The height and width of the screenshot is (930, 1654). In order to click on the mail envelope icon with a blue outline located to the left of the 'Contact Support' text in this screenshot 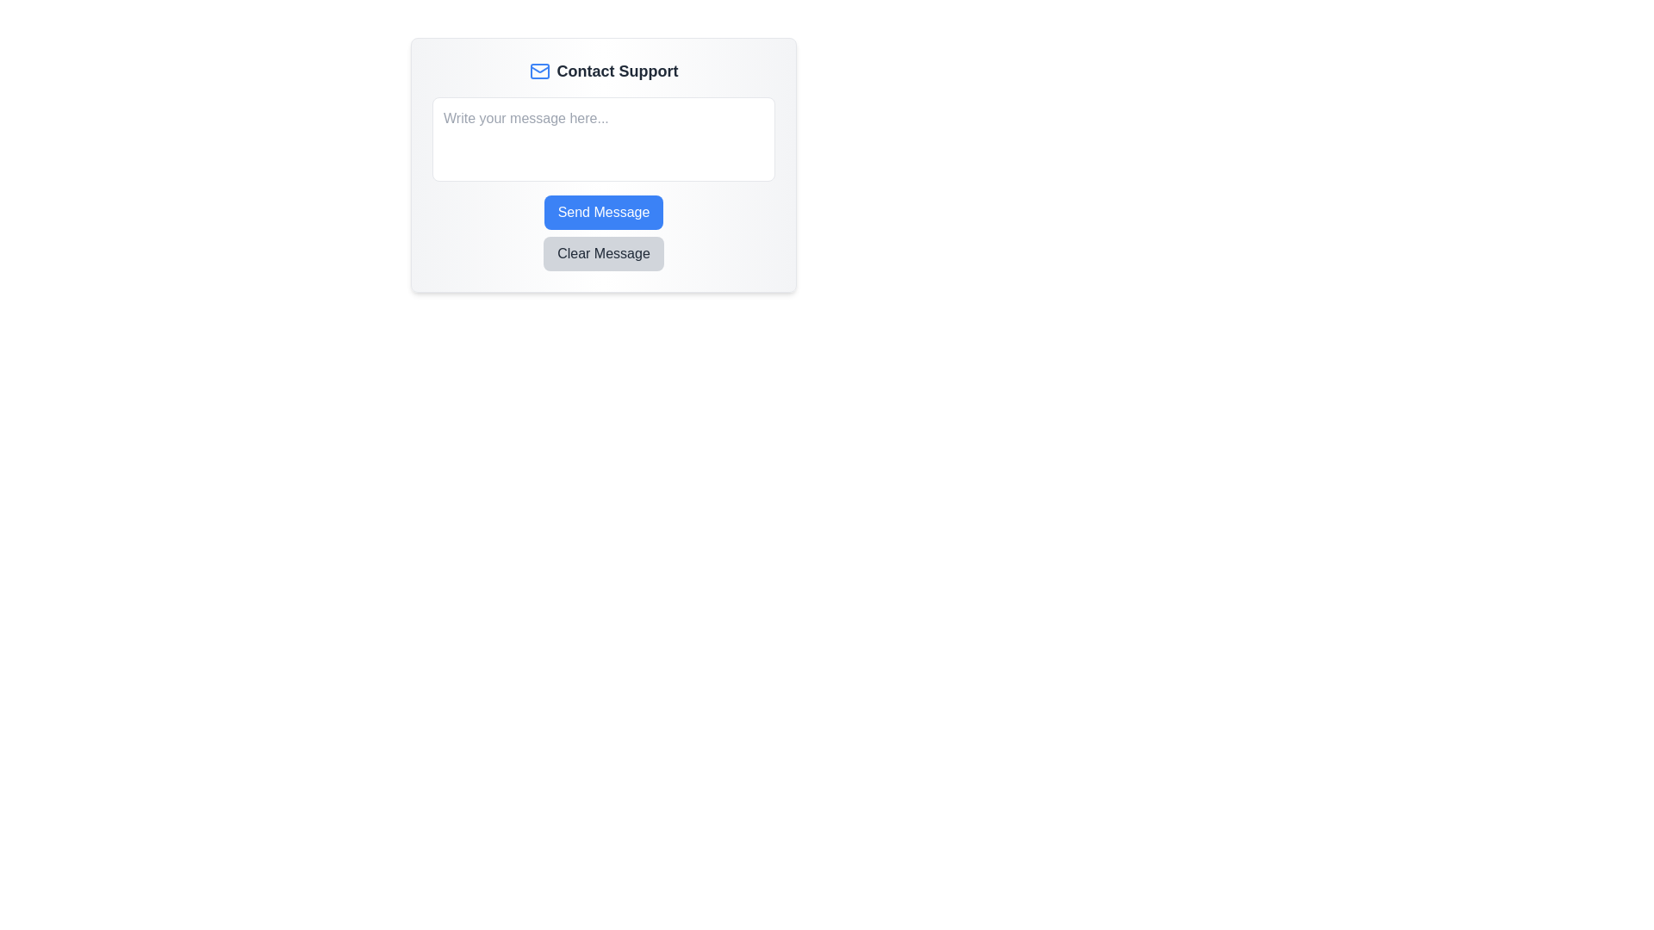, I will do `click(538, 71)`.